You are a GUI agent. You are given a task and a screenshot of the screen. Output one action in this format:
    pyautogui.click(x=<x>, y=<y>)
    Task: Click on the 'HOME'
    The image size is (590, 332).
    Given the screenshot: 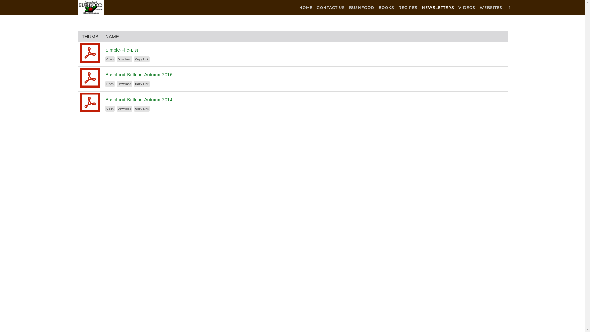 What is the action you would take?
    pyautogui.click(x=305, y=7)
    